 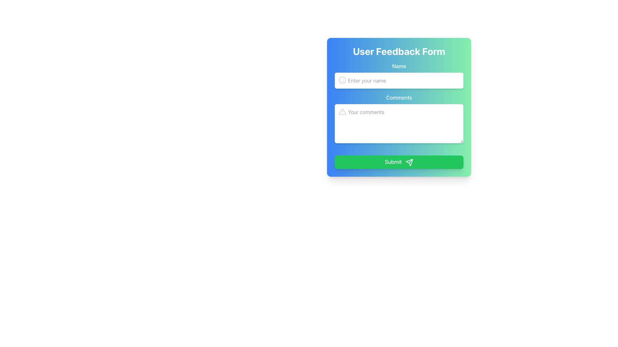 What do you see at coordinates (398, 162) in the screenshot?
I see `the submission button located at the bottom of the feedback form` at bounding box center [398, 162].